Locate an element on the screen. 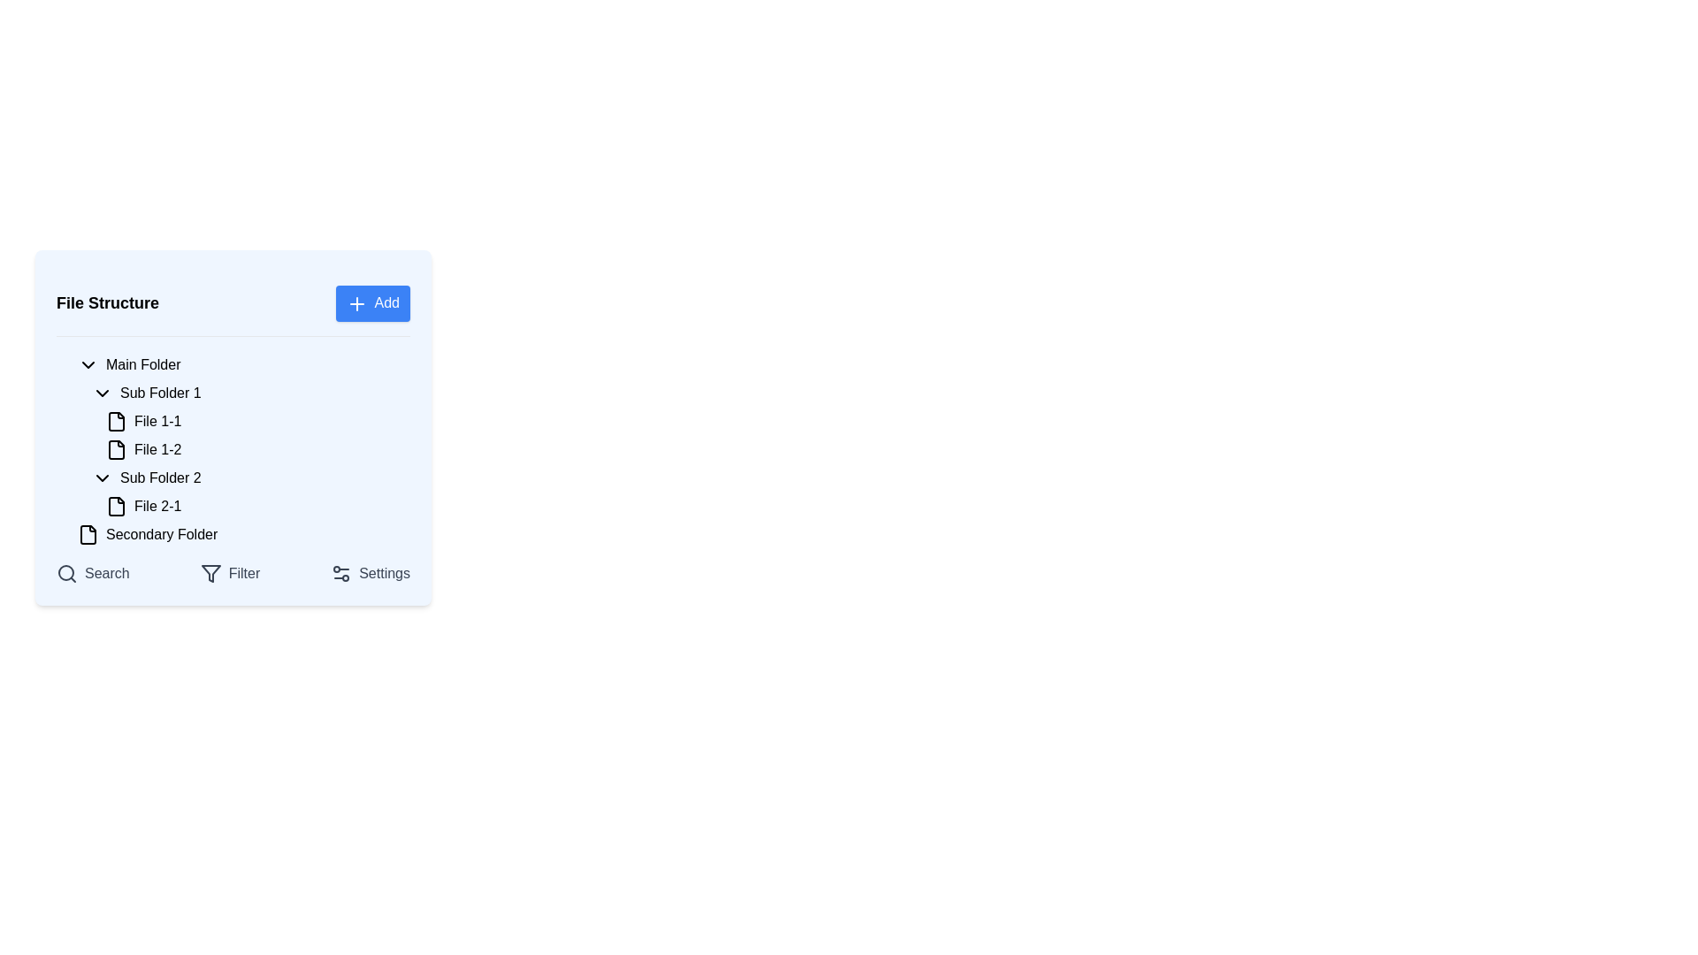 The width and height of the screenshot is (1698, 955). the label displaying 'File 1-1' is located at coordinates (157, 421).